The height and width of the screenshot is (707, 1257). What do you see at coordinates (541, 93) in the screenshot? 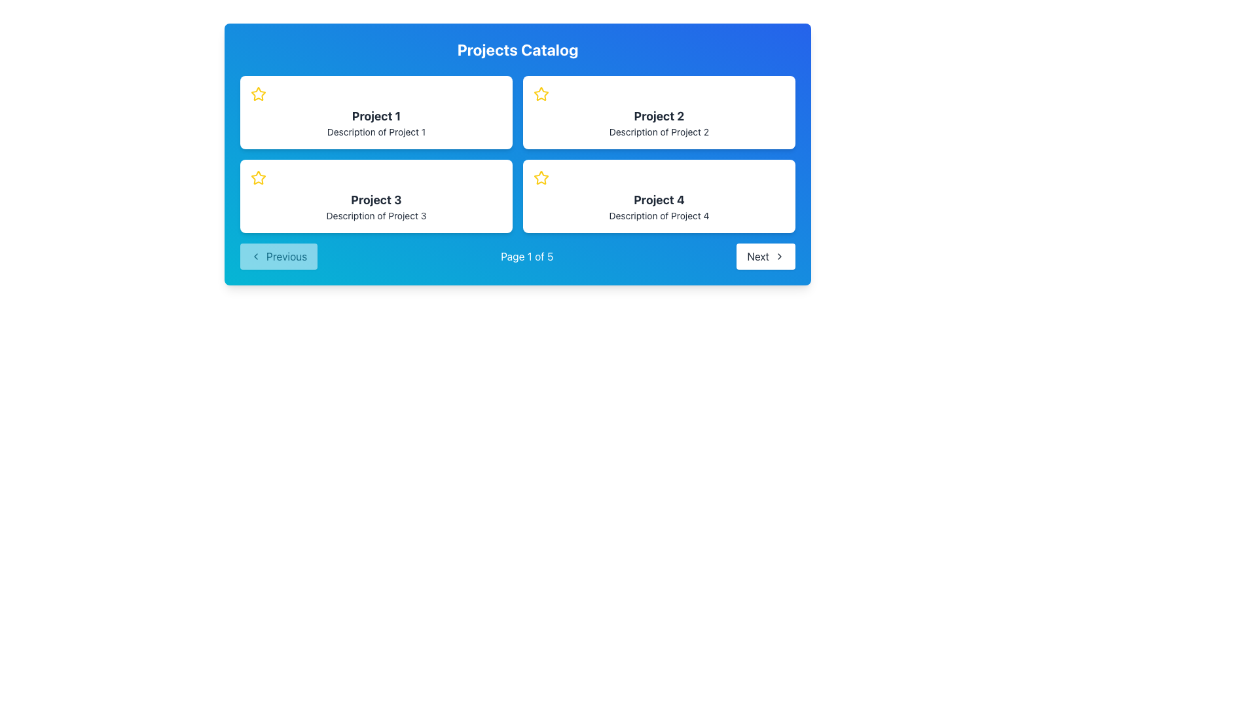
I see `the star icon in the upper left corner of the 'Project 2' card` at bounding box center [541, 93].